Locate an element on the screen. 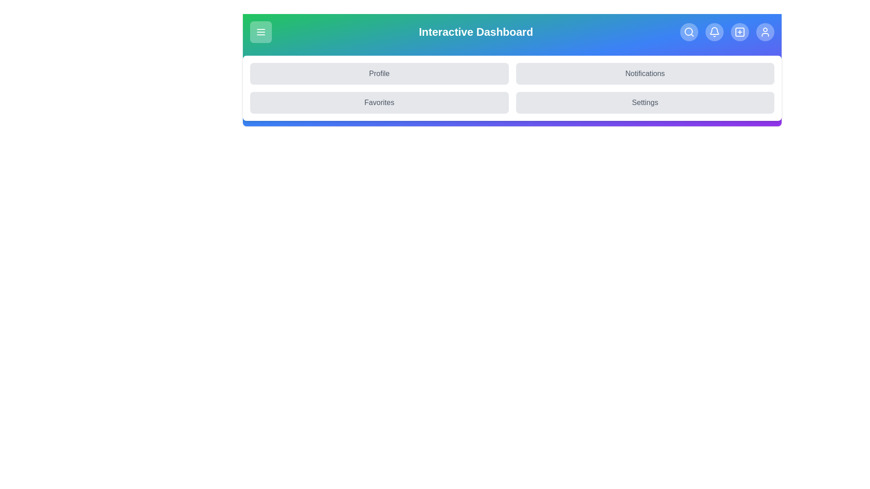 The image size is (870, 489). the Search icon to navigate to the corresponding section is located at coordinates (689, 31).